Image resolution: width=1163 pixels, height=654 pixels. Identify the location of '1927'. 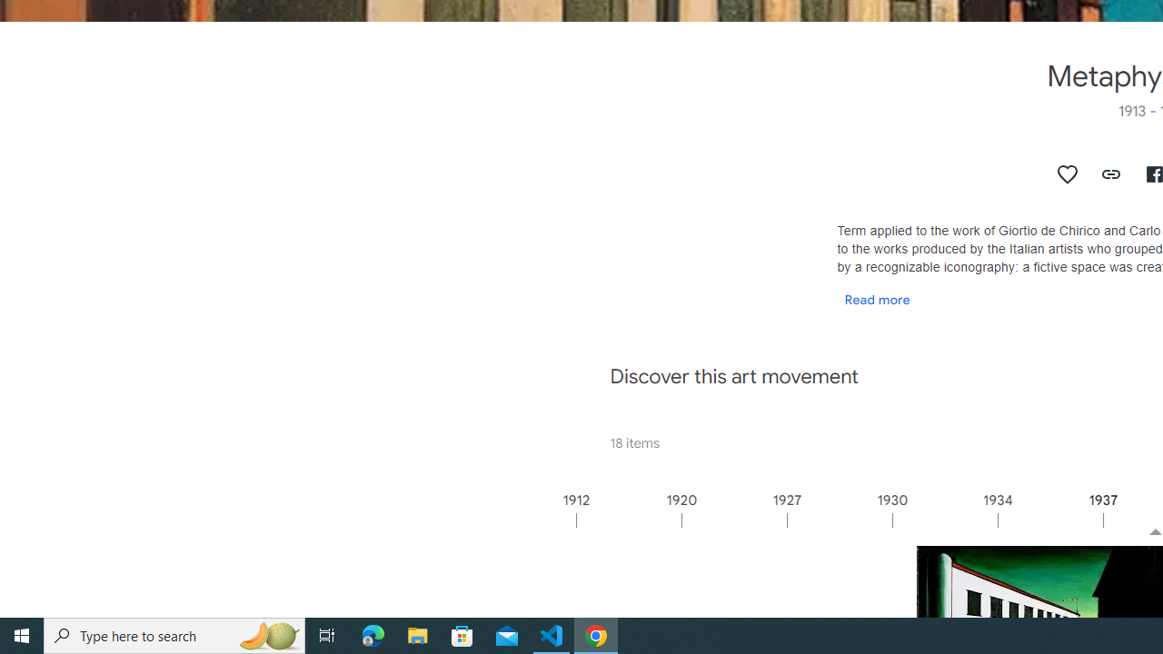
(838, 520).